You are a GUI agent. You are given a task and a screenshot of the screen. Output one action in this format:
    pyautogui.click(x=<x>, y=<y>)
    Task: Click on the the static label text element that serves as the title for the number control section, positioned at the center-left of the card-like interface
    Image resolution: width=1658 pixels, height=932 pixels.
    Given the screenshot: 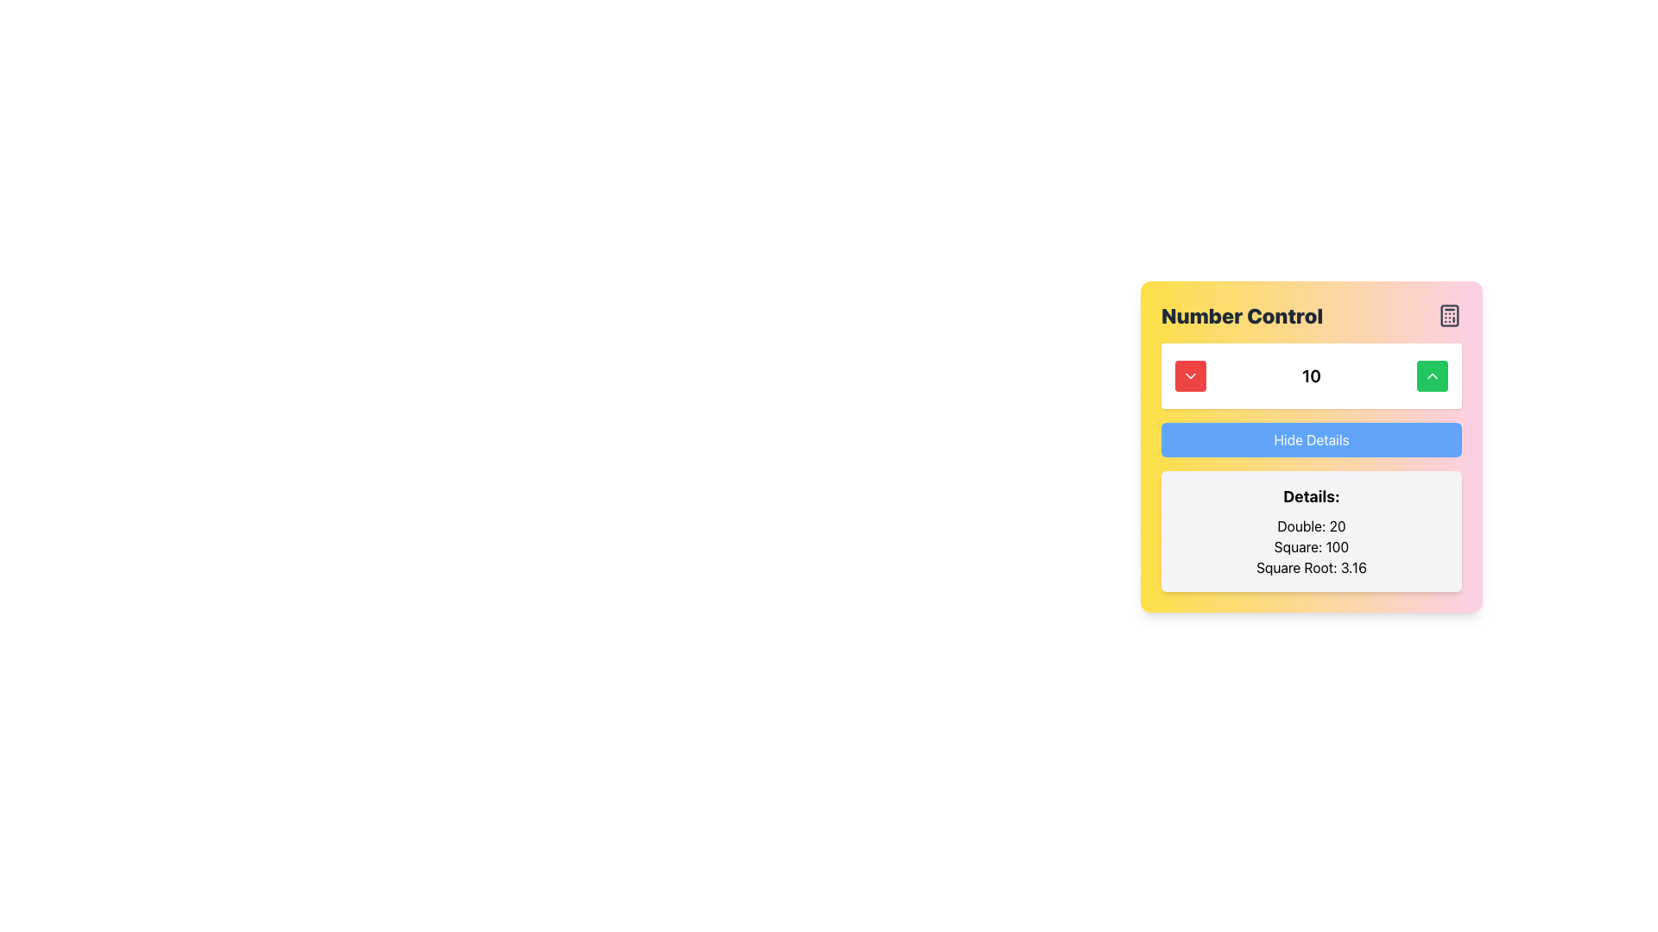 What is the action you would take?
    pyautogui.click(x=1241, y=316)
    